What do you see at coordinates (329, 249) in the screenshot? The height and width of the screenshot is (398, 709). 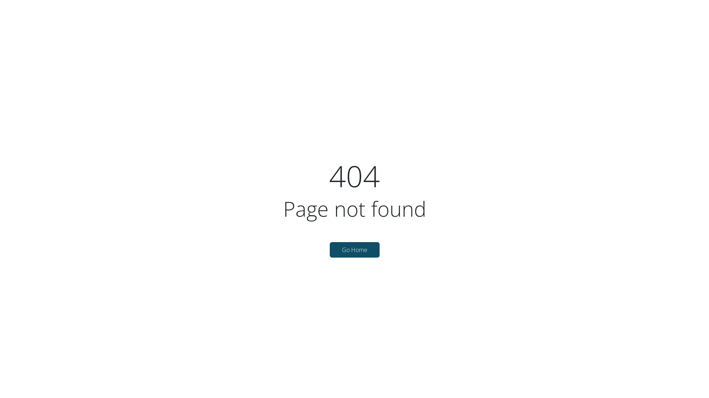 I see `'Go Home'` at bounding box center [329, 249].